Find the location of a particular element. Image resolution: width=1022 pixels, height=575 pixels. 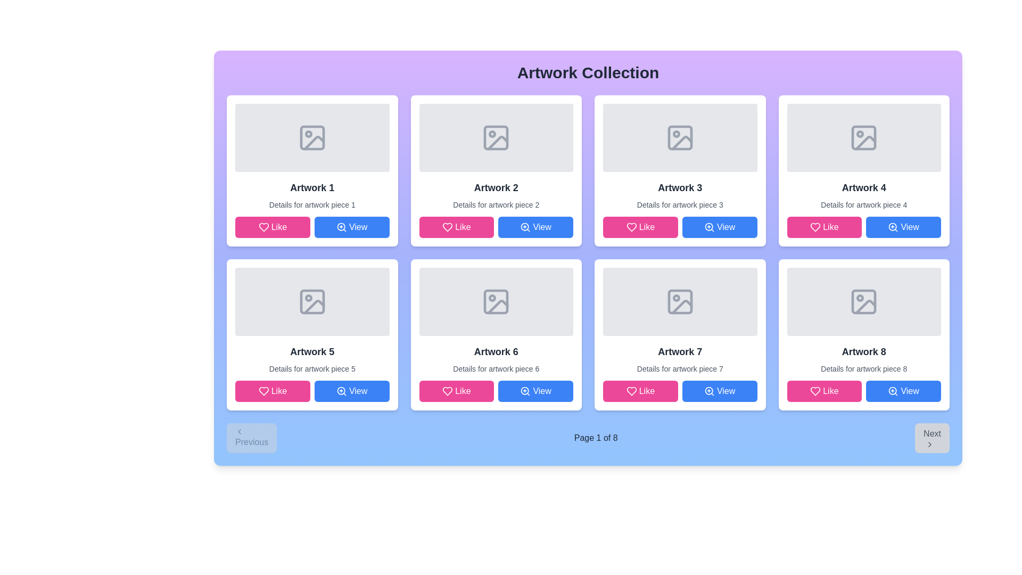

the 'Like' icon located within the button under the 'Artwork 4' card in the second row and fourth column of the grid layout is located at coordinates (815, 227).